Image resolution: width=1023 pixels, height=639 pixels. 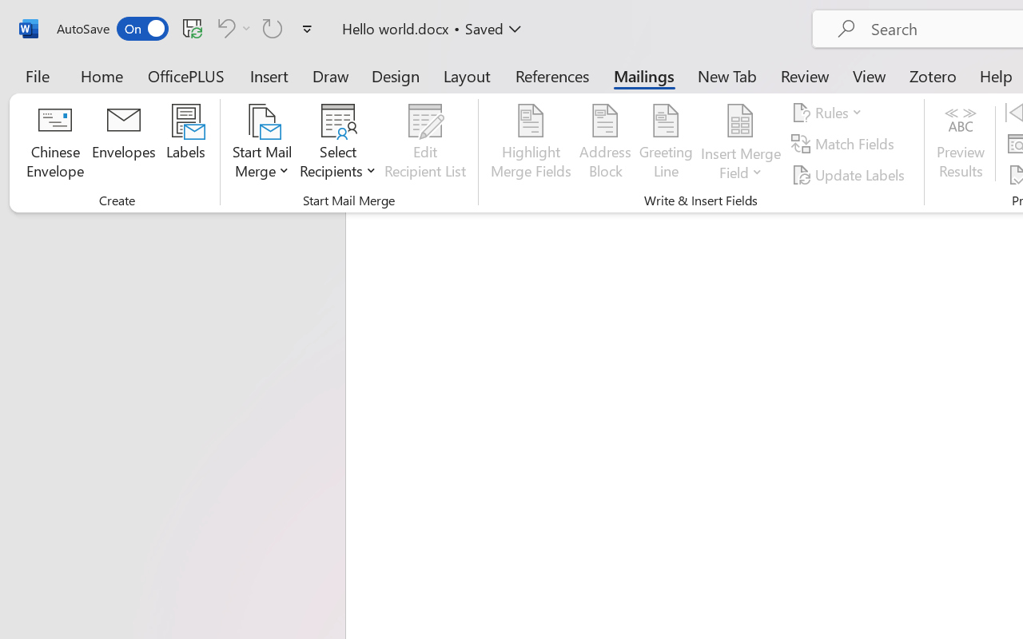 What do you see at coordinates (933, 75) in the screenshot?
I see `'Zotero'` at bounding box center [933, 75].